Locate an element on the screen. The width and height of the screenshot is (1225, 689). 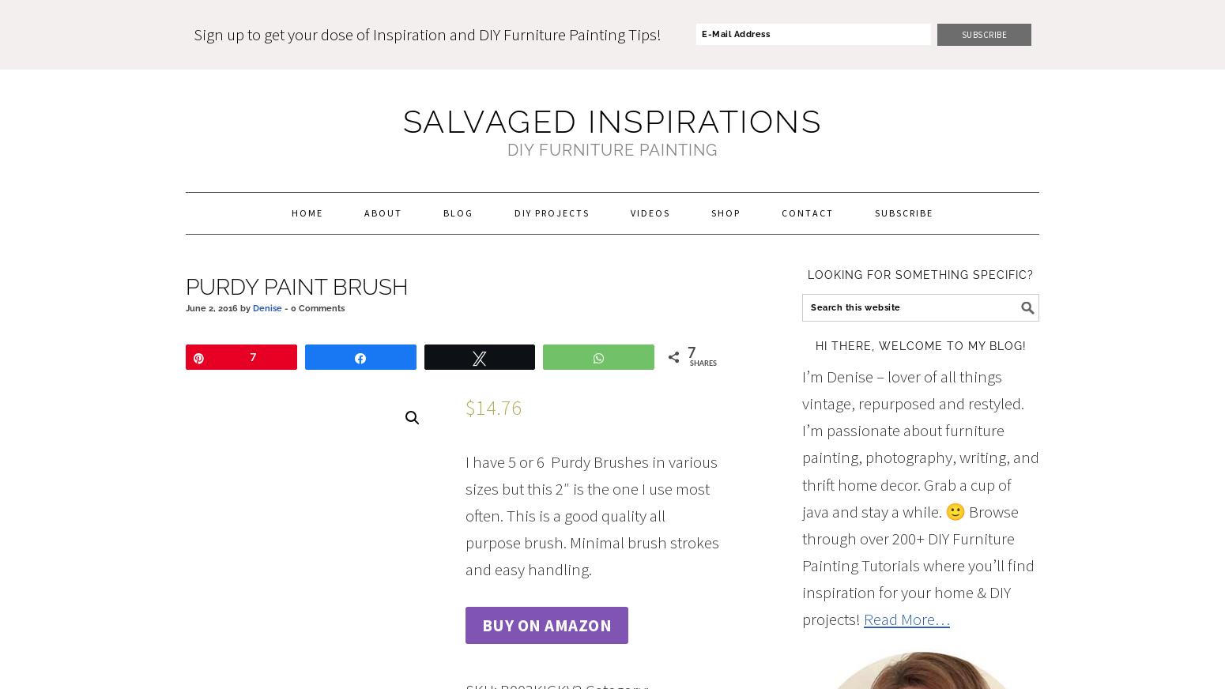
'Salvaged Inspirations' is located at coordinates (612, 121).